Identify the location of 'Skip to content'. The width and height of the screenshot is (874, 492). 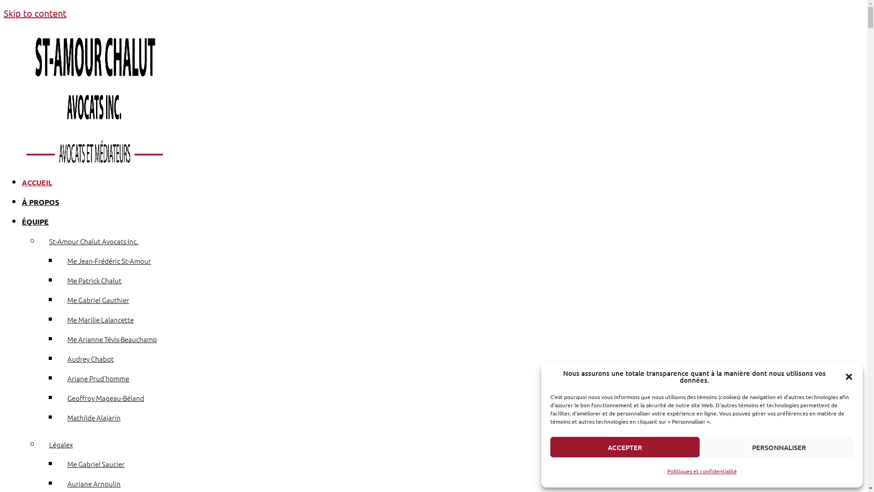
(4, 13).